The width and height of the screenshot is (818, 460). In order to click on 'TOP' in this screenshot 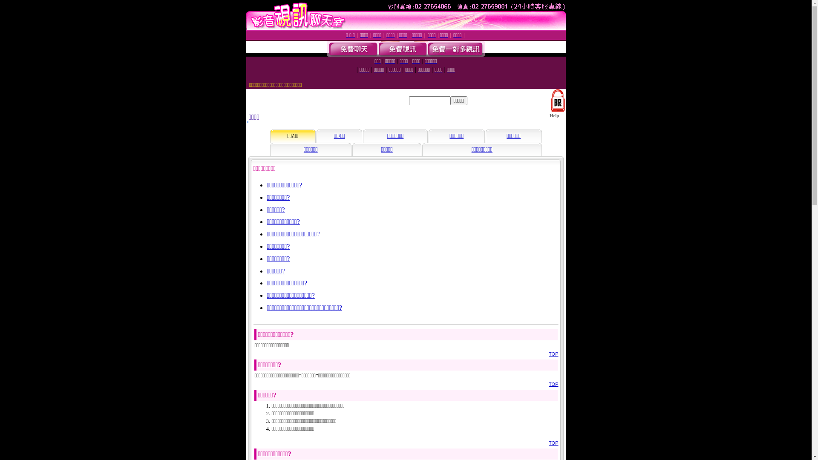, I will do `click(553, 443)`.